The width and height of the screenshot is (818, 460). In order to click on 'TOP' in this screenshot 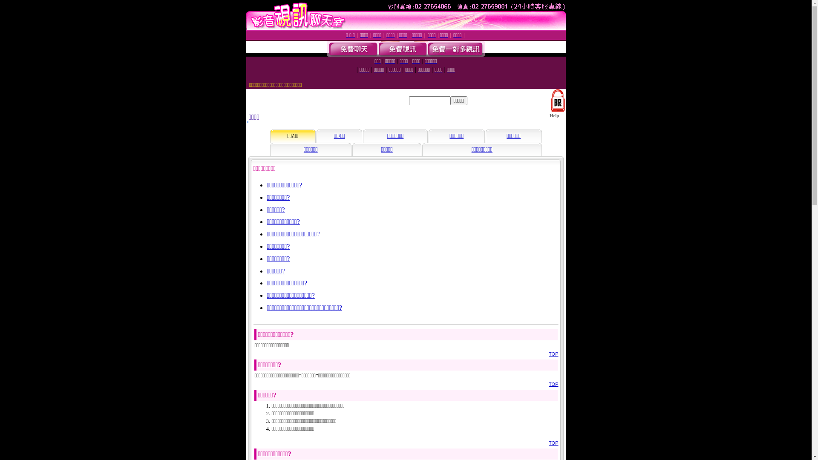, I will do `click(553, 443)`.